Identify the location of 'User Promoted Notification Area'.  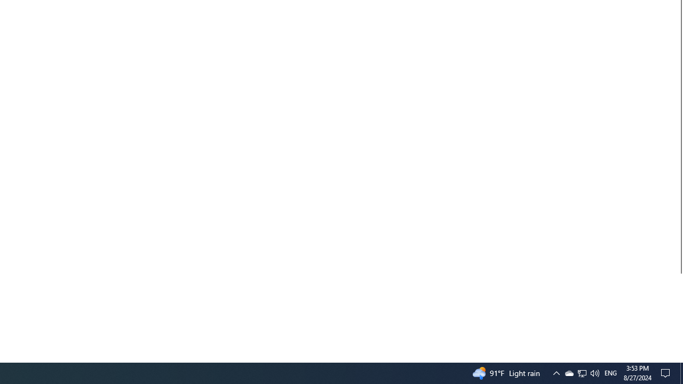
(581, 372).